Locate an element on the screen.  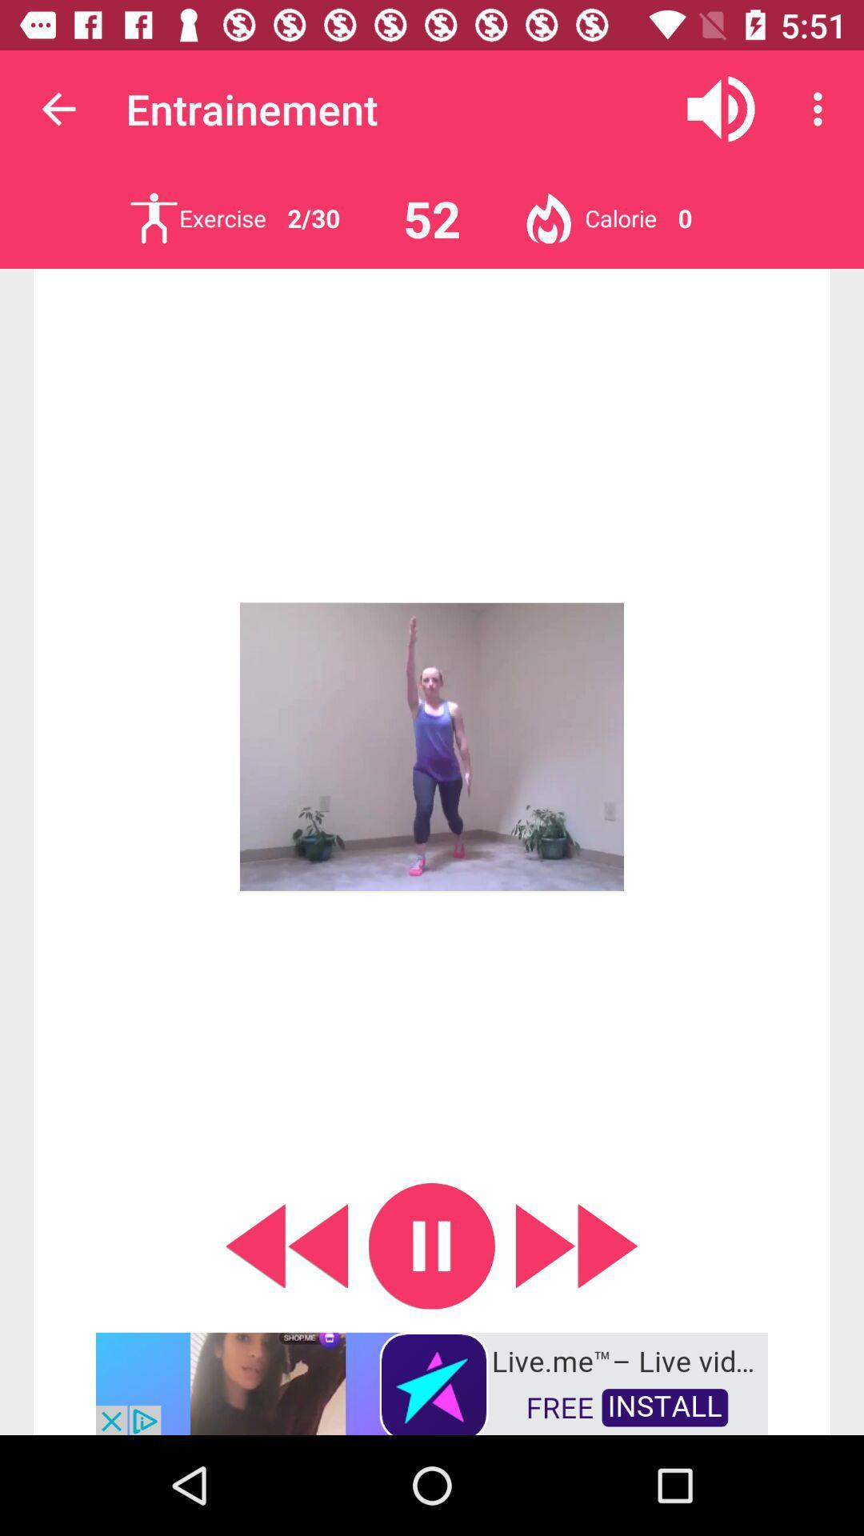
next exercise is located at coordinates (154, 218).